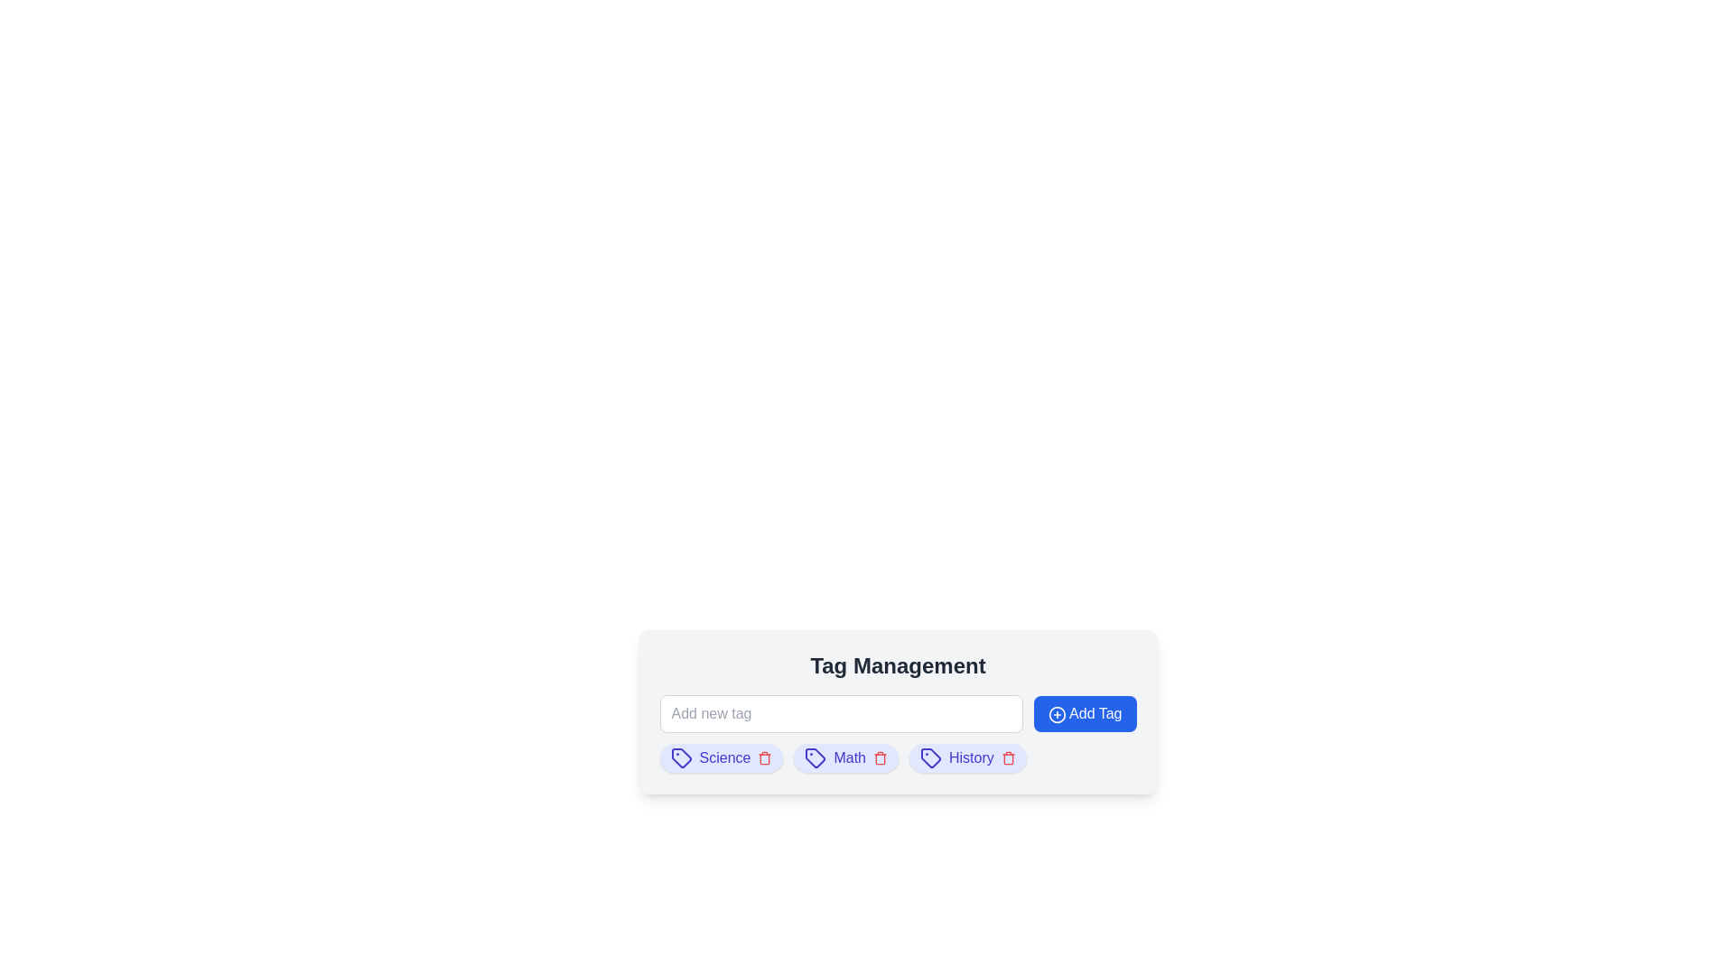 Image resolution: width=1734 pixels, height=975 pixels. Describe the element at coordinates (931, 758) in the screenshot. I see `the third tag icon located beneath the text input field, between the 'Math' tag and the 'History' label` at that location.